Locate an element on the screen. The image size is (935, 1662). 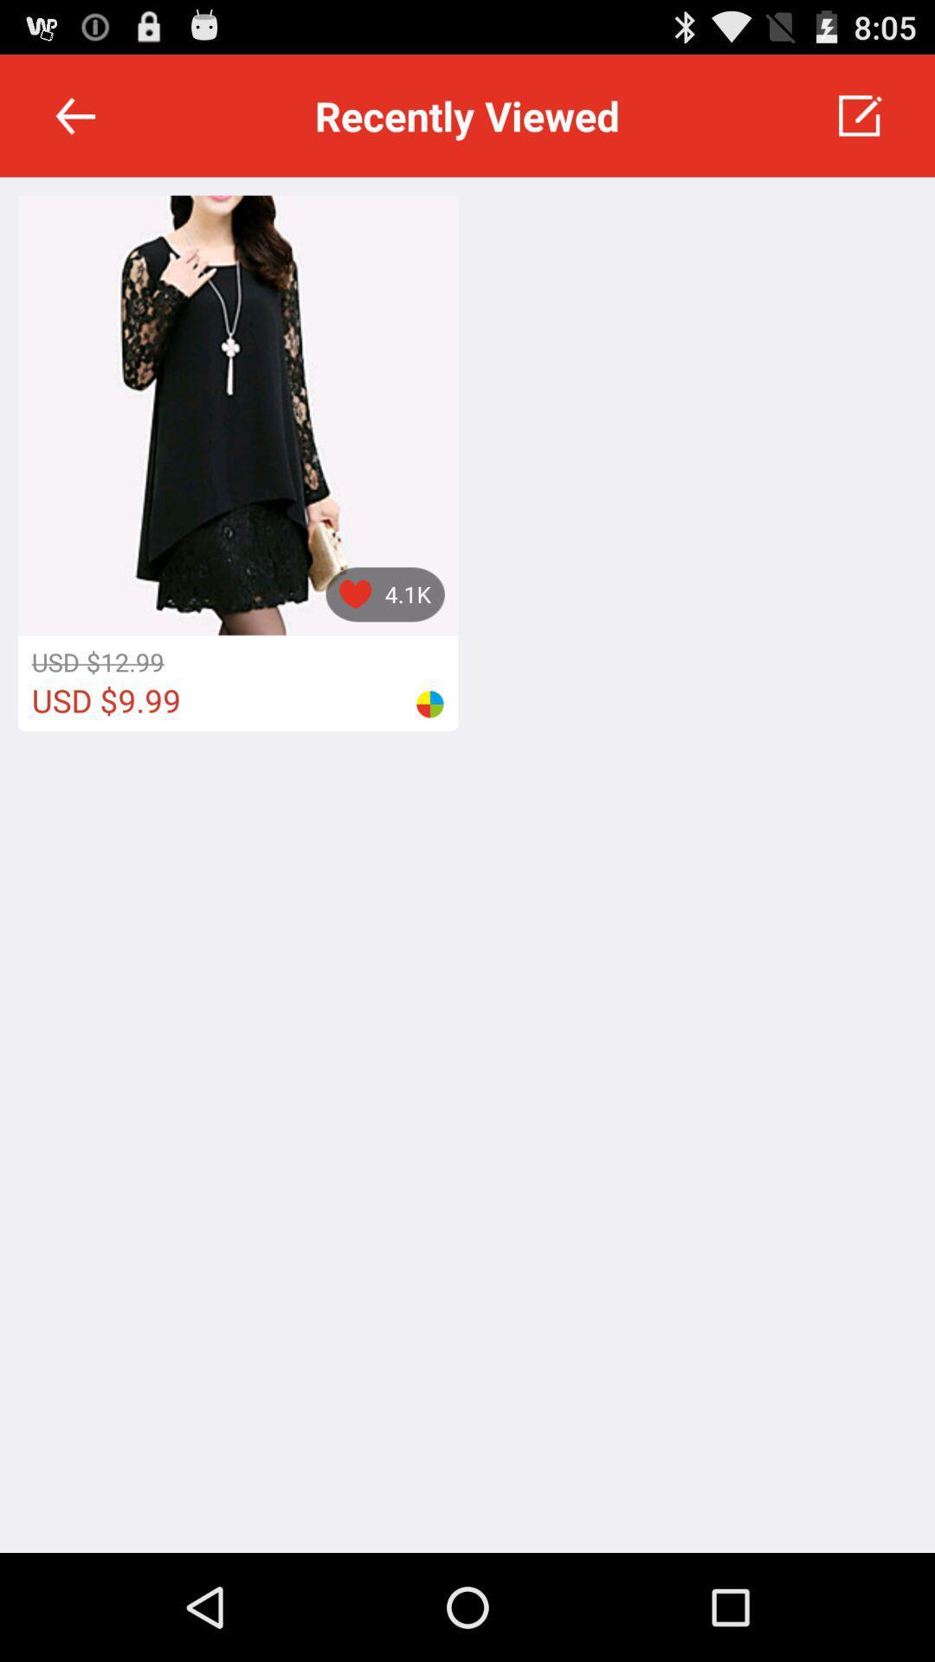
the arrow_backward icon is located at coordinates (74, 123).